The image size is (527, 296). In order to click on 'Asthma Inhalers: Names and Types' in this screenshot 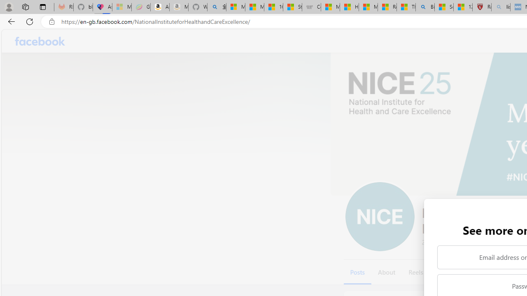, I will do `click(102, 7)`.